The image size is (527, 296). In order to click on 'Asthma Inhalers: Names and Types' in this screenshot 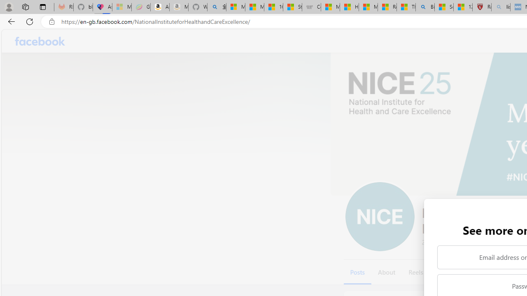, I will do `click(102, 7)`.